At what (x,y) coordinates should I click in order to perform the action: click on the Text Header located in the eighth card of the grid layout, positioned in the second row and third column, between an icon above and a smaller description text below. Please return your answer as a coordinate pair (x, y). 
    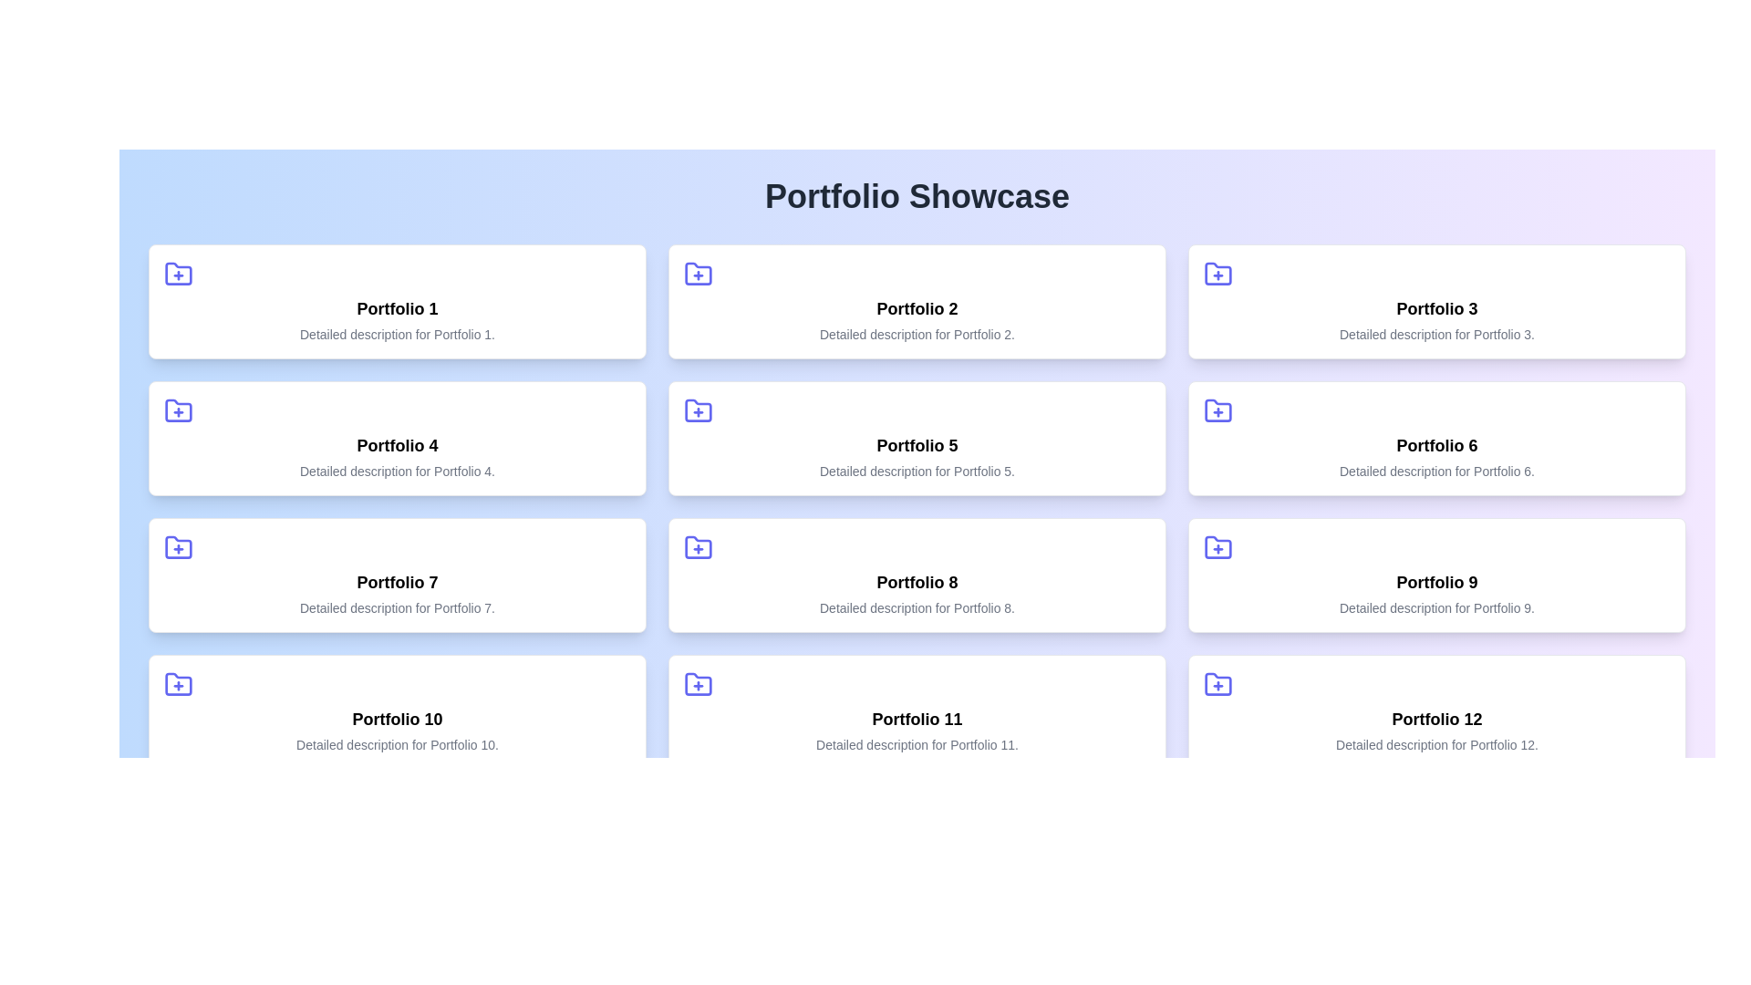
    Looking at the image, I should click on (917, 583).